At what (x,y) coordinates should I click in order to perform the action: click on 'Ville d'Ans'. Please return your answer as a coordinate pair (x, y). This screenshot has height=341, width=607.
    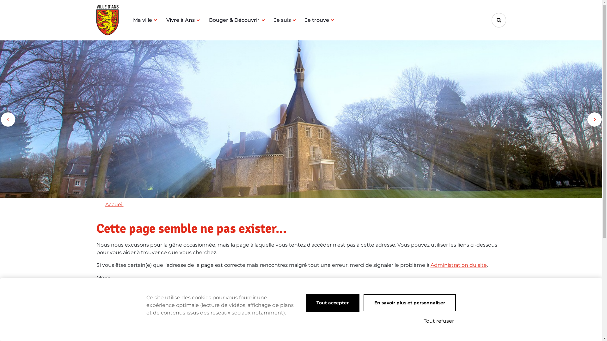
    Looking at the image, I should click on (95, 20).